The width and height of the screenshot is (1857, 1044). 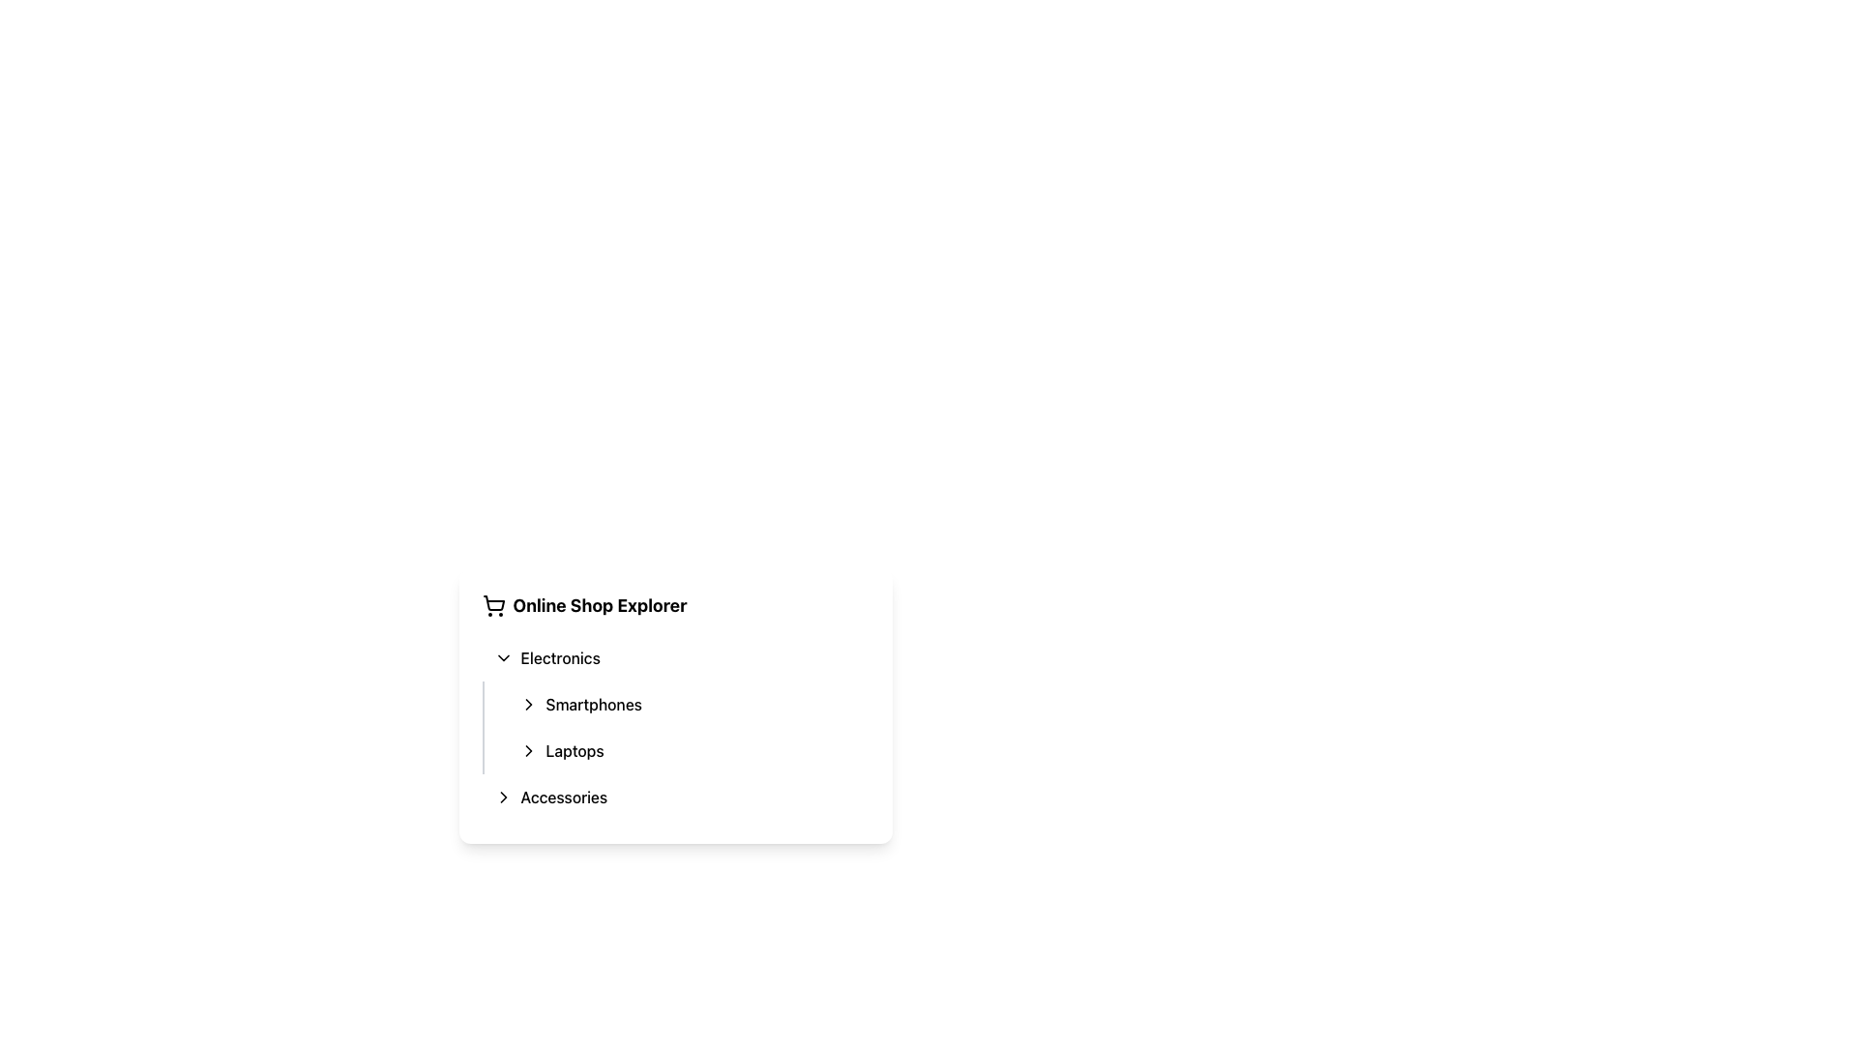 What do you see at coordinates (528, 705) in the screenshot?
I see `the chevron icon pointing to the right, located adjacent to the text 'Smartphones' in the 'Electronics' section of the navigation menu, to observe potential visual feedback` at bounding box center [528, 705].